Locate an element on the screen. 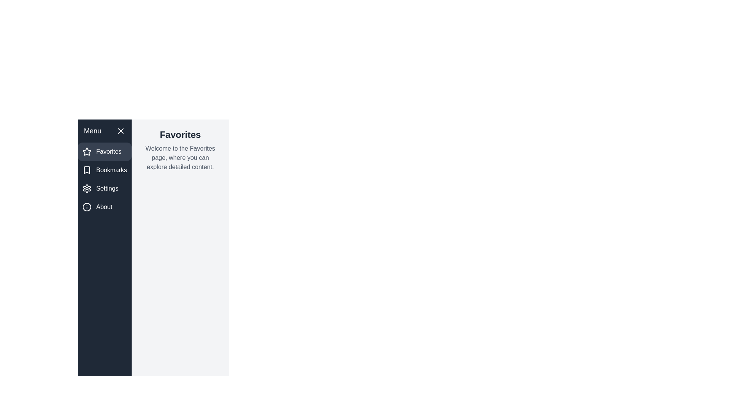 This screenshot has height=415, width=739. the 'About' text label in the sidebar menu under the 'Settings' option is located at coordinates (104, 207).